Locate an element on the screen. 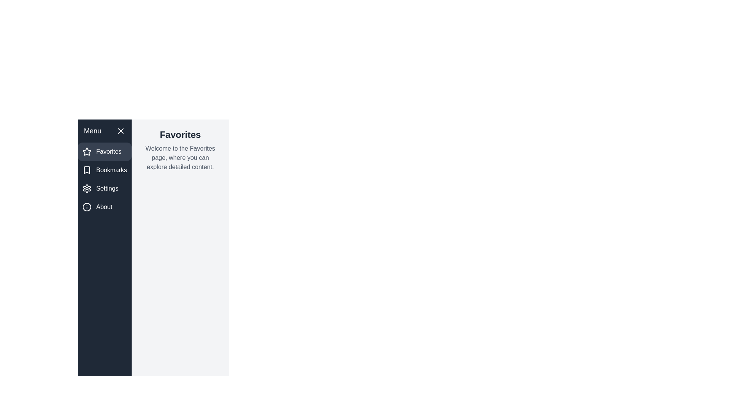 This screenshot has height=415, width=739. the 'About' text label in the sidebar menu under the 'Settings' option is located at coordinates (104, 207).